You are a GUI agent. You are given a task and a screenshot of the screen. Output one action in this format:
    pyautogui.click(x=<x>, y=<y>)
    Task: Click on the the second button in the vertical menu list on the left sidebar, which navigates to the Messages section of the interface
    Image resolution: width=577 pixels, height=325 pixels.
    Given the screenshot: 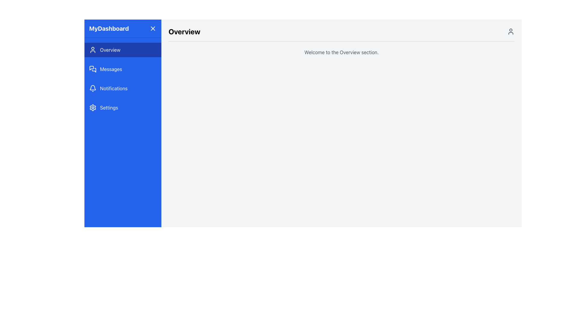 What is the action you would take?
    pyautogui.click(x=122, y=69)
    